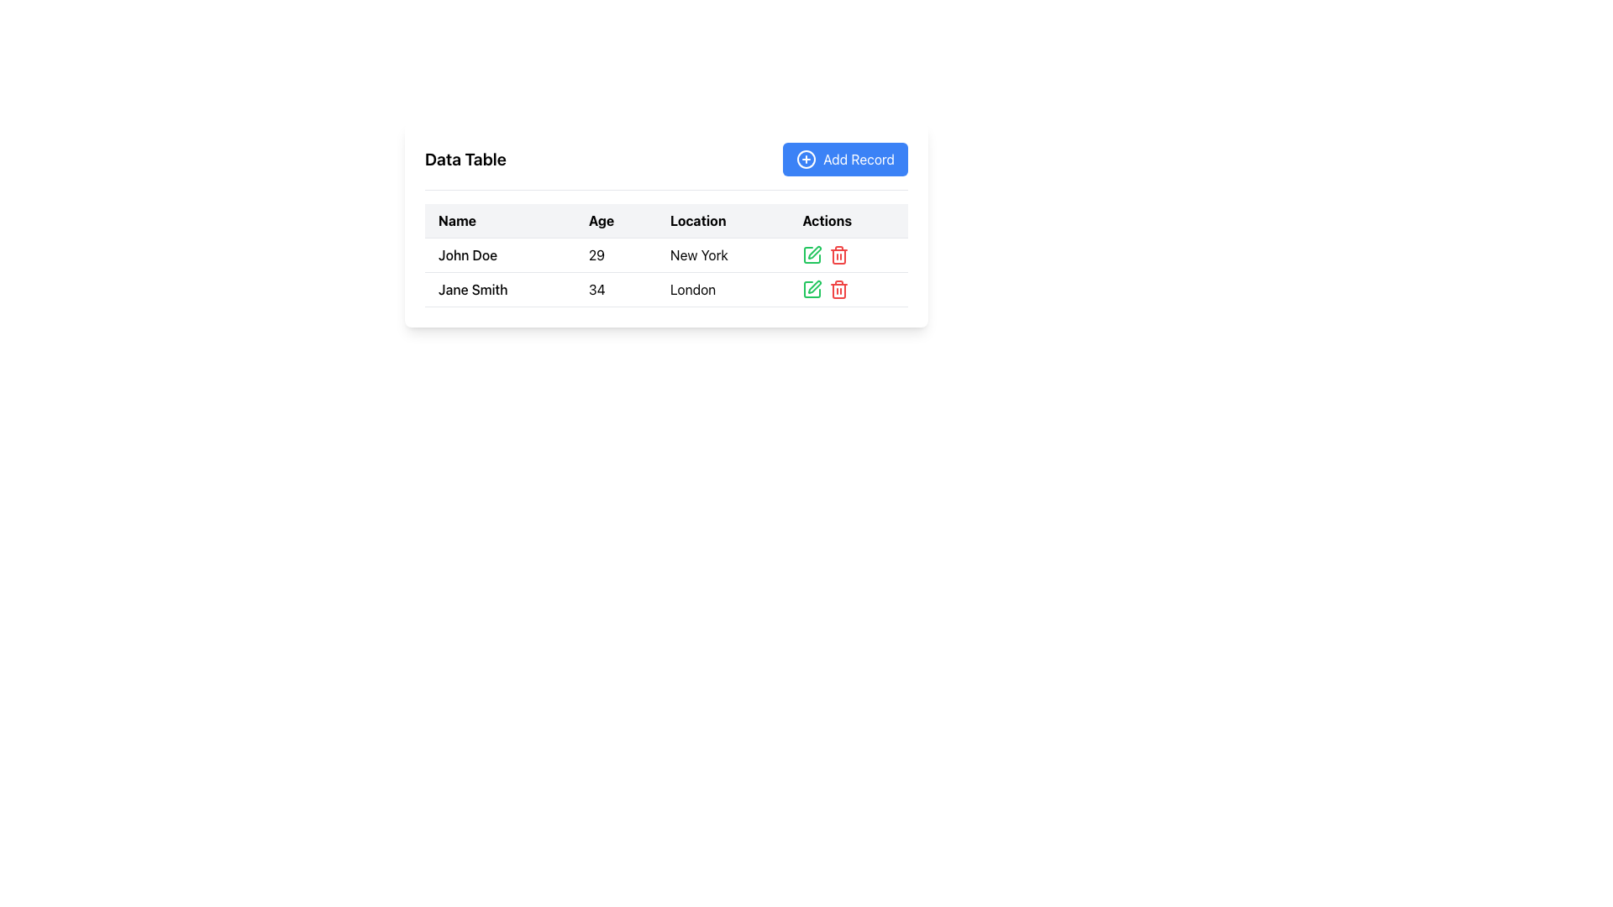 The height and width of the screenshot is (907, 1613). Describe the element at coordinates (839, 288) in the screenshot. I see `the red trash can icon button used for delete actions, located in the 'Actions' column of the second row of the table` at that location.